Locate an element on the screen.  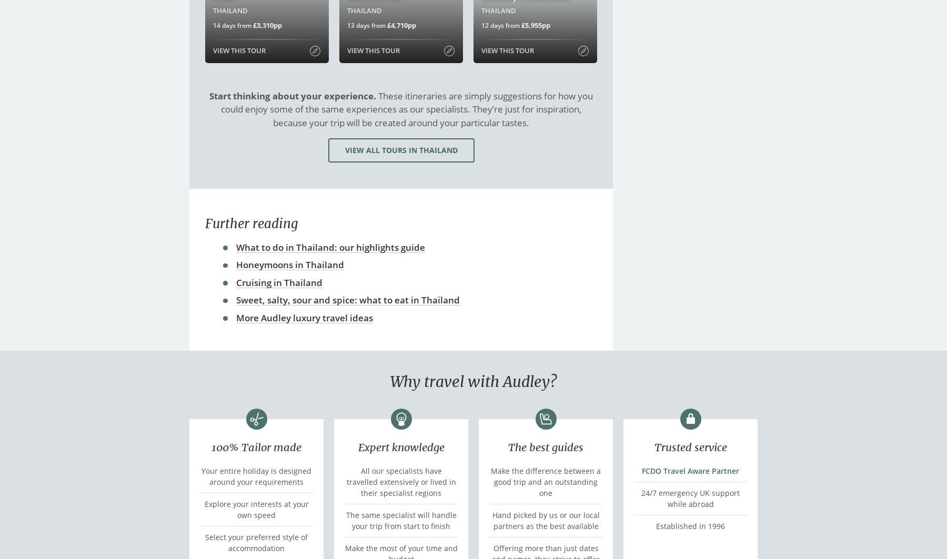
'What to do in Thailand: our highlights guide' is located at coordinates (330, 247).